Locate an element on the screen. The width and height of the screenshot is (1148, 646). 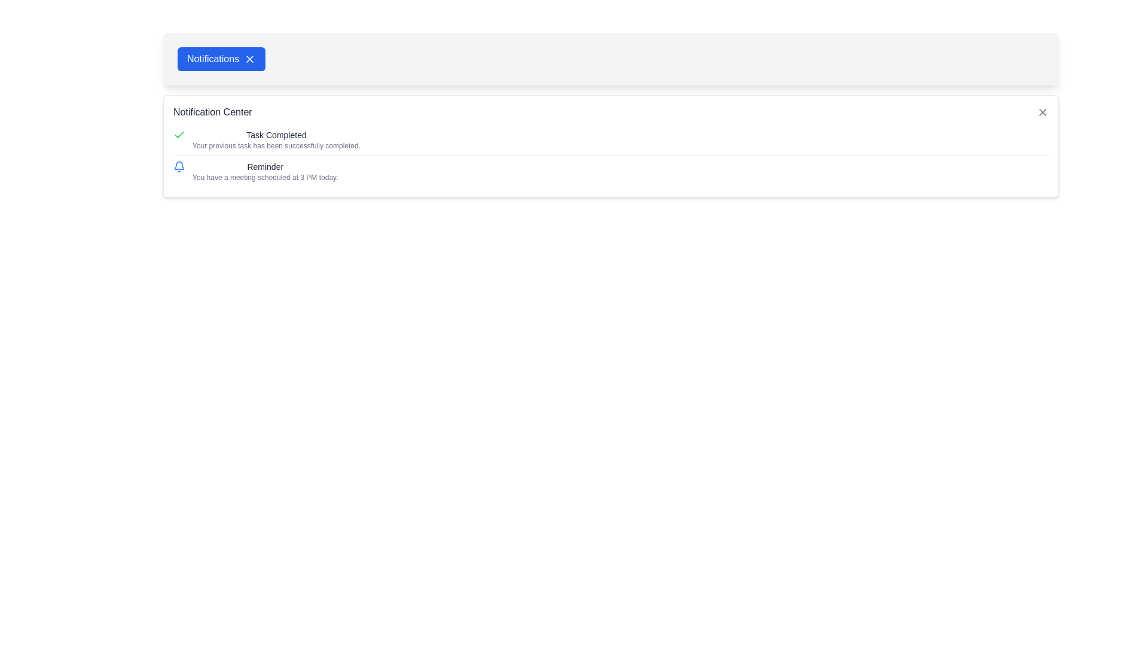
the text block that serves as a reminder for an upcoming meeting scheduled at 3 PM today, located under the 'Notification Center' header is located at coordinates (264, 171).